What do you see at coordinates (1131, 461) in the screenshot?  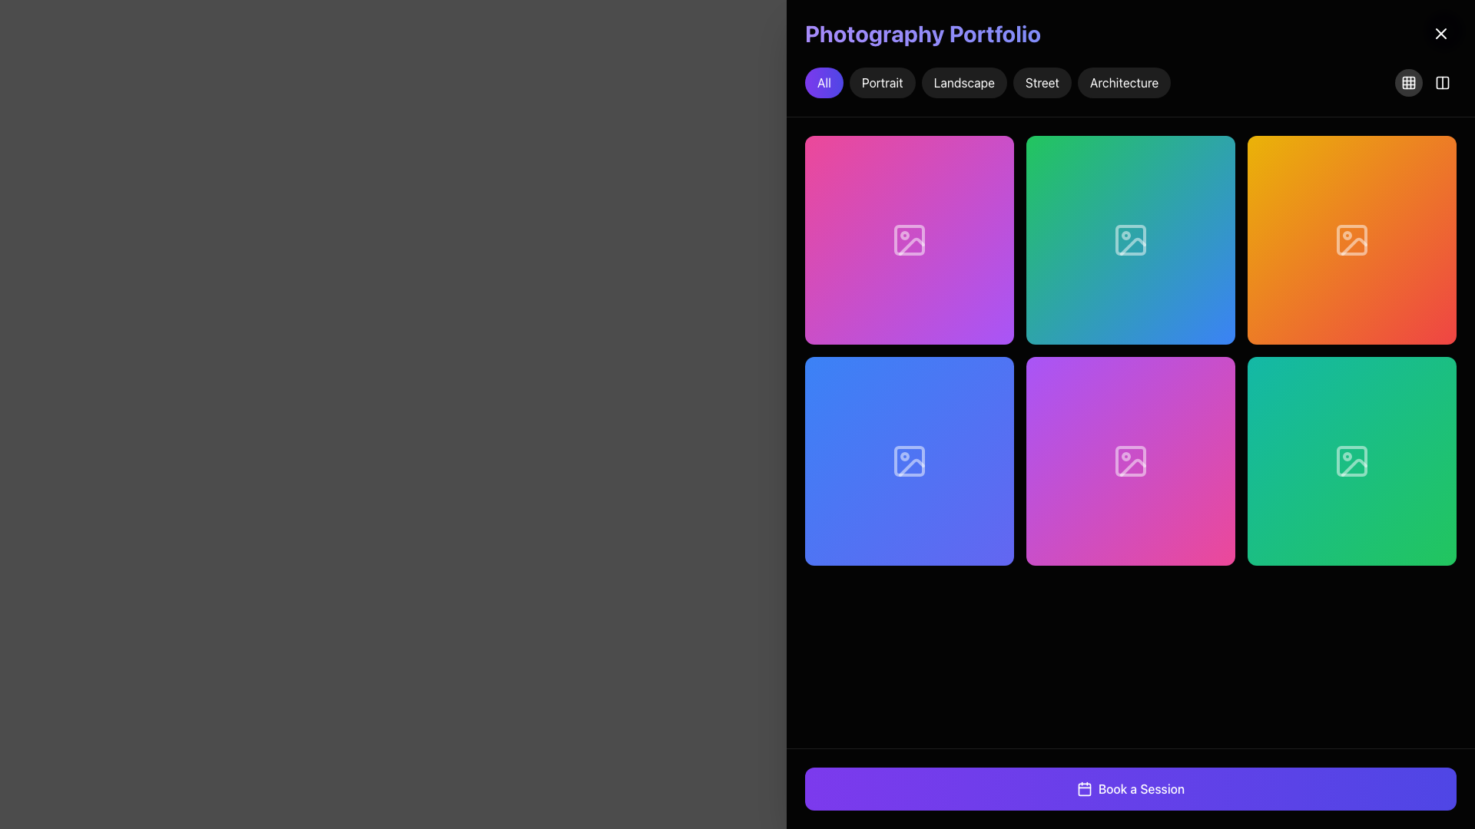 I see `the icon located in the rightmost column of the lower row in a 3x2 grid layout, which has a magenta gradient background and serves as a placeholder for an image` at bounding box center [1131, 461].